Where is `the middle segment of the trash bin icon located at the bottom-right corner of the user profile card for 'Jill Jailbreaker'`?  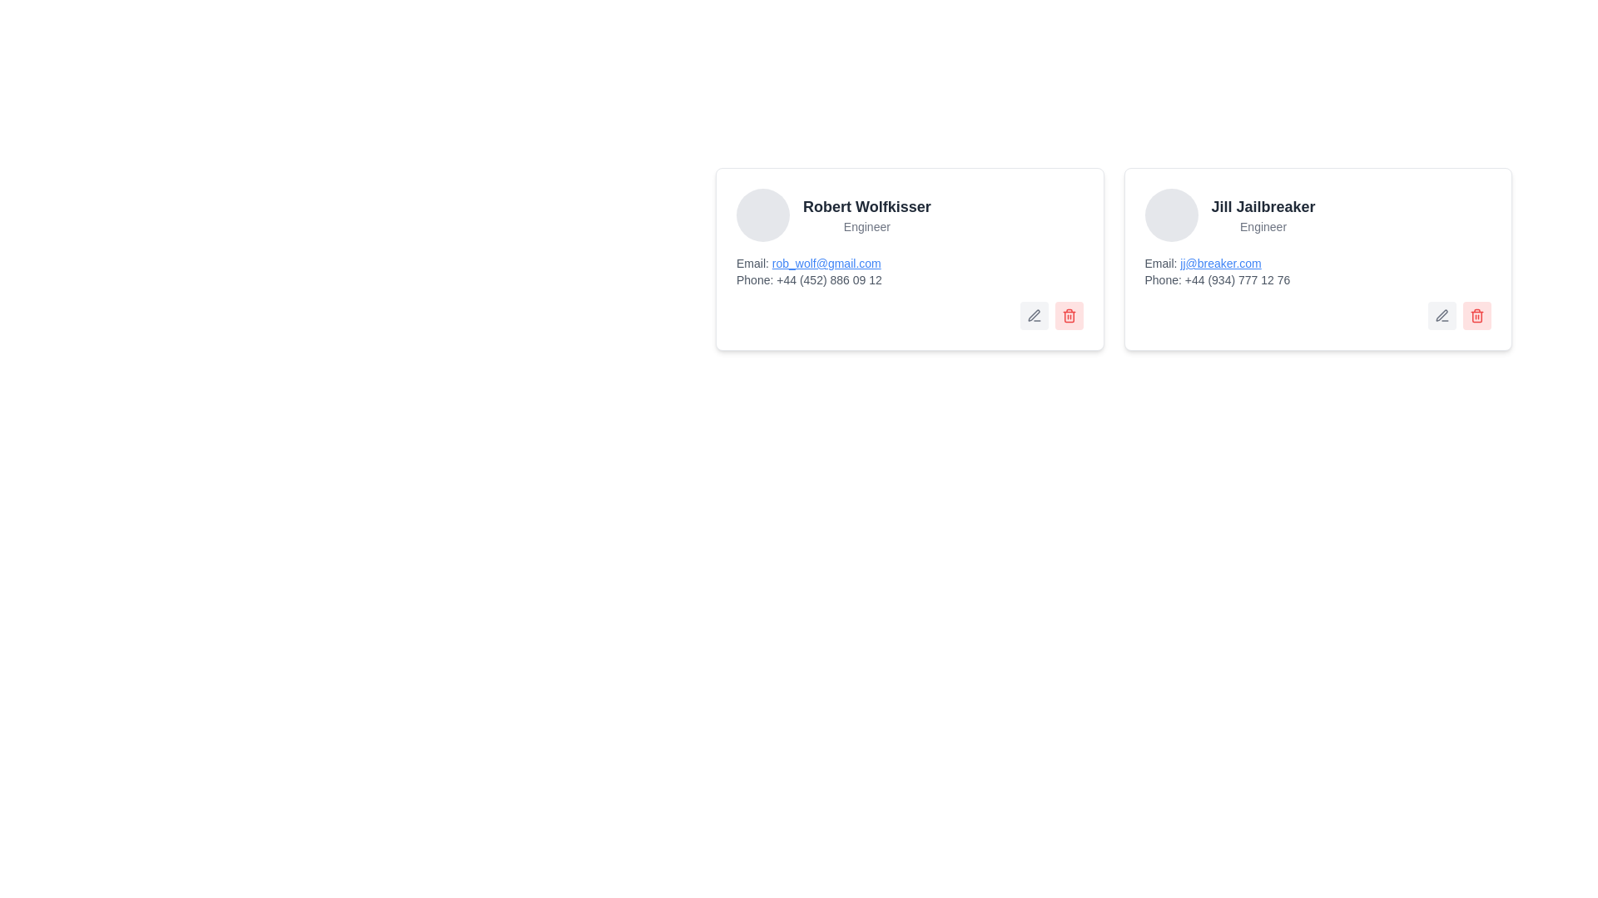
the middle segment of the trash bin icon located at the bottom-right corner of the user profile card for 'Jill Jailbreaker' is located at coordinates (1477, 317).